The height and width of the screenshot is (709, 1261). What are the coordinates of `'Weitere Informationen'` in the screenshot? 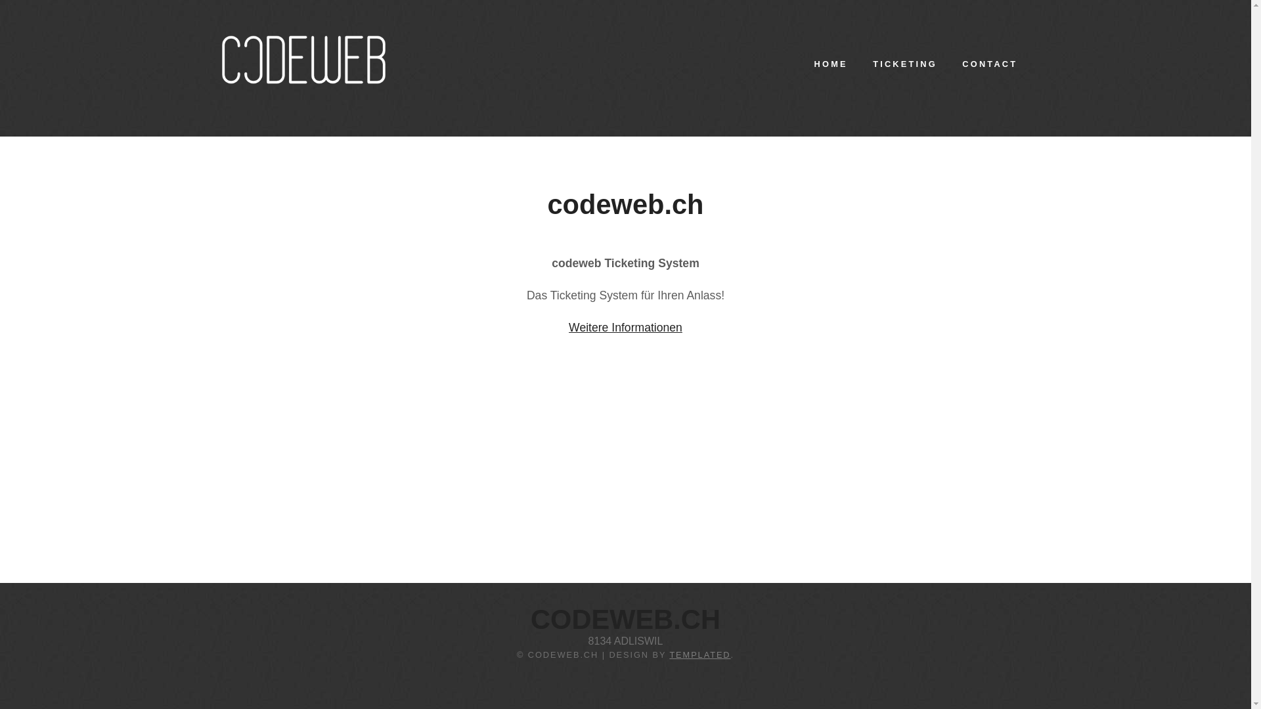 It's located at (568, 326).